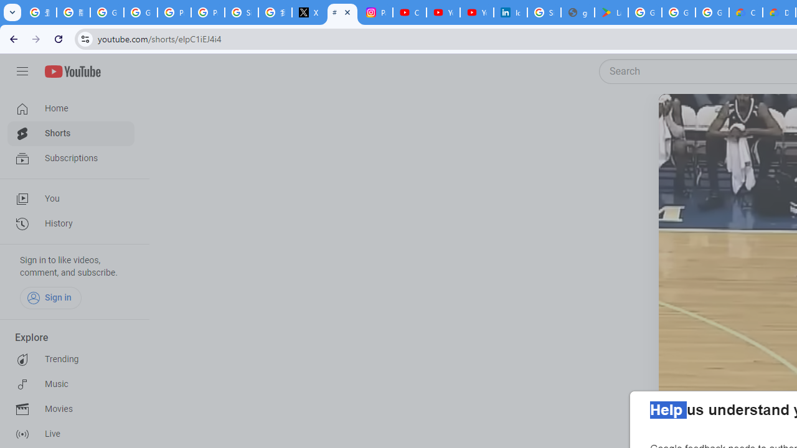  I want to click on 'Live', so click(70, 434).